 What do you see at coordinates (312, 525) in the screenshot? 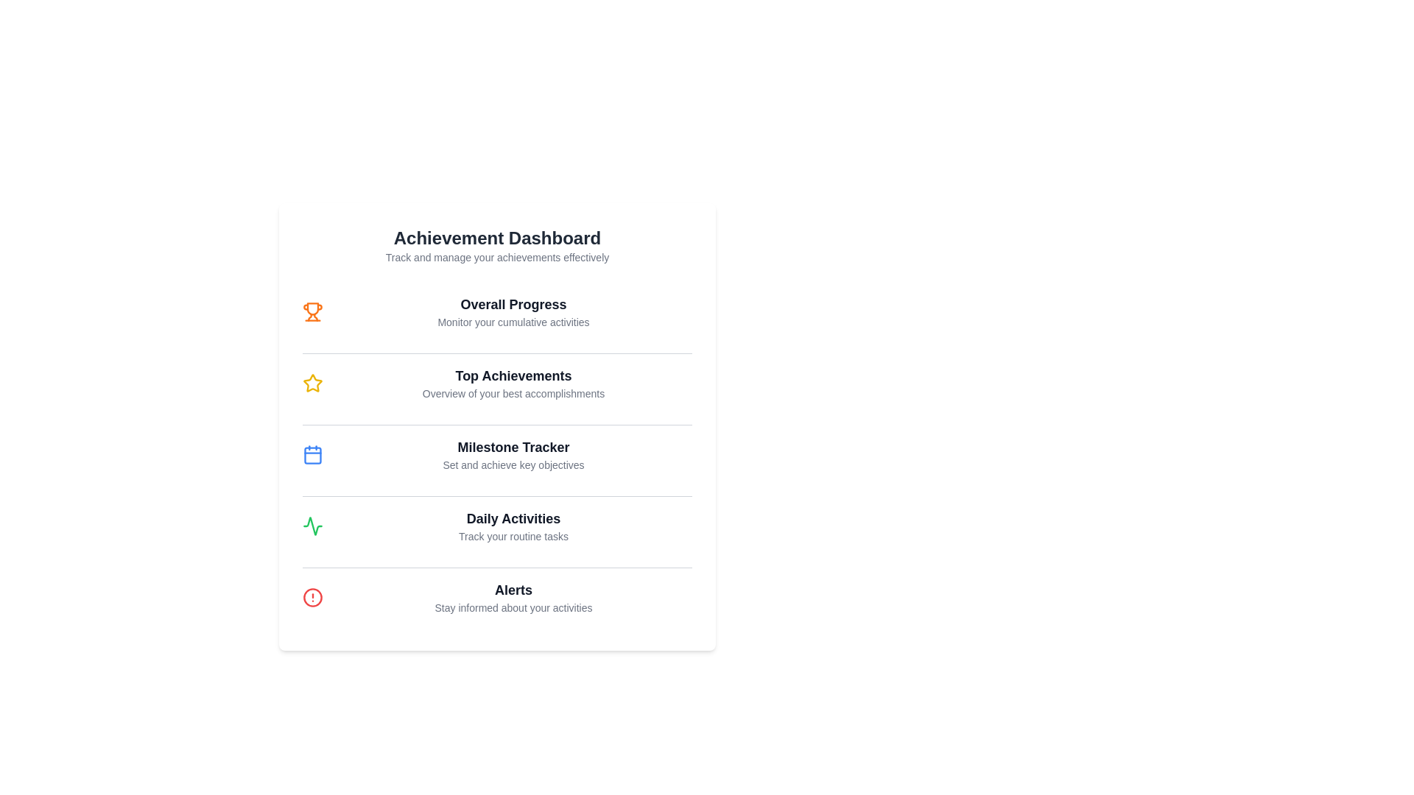
I see `the design of the 'Daily Activities' icon, which represents metrics related to daily tasks and is positioned fourth in the vertical list adjacent to its label` at bounding box center [312, 525].